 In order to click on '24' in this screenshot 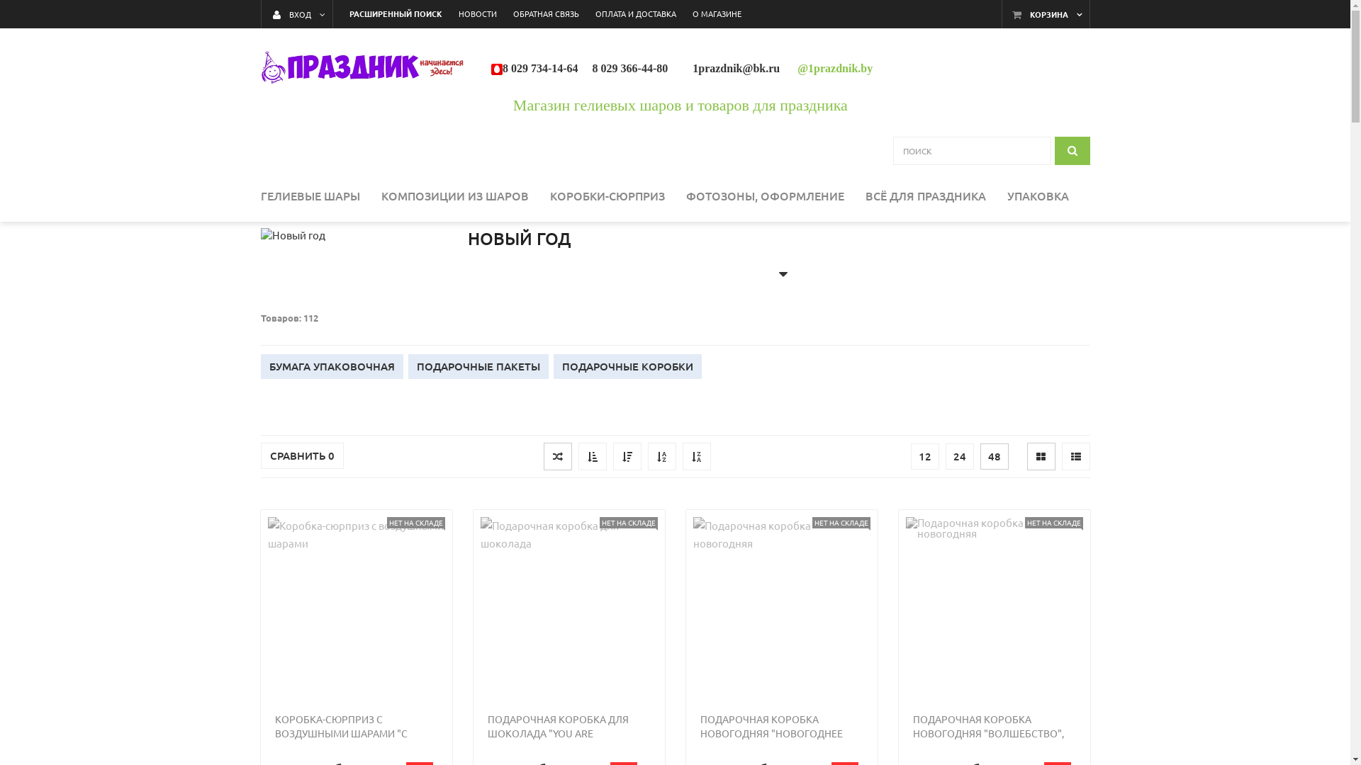, I will do `click(959, 456)`.